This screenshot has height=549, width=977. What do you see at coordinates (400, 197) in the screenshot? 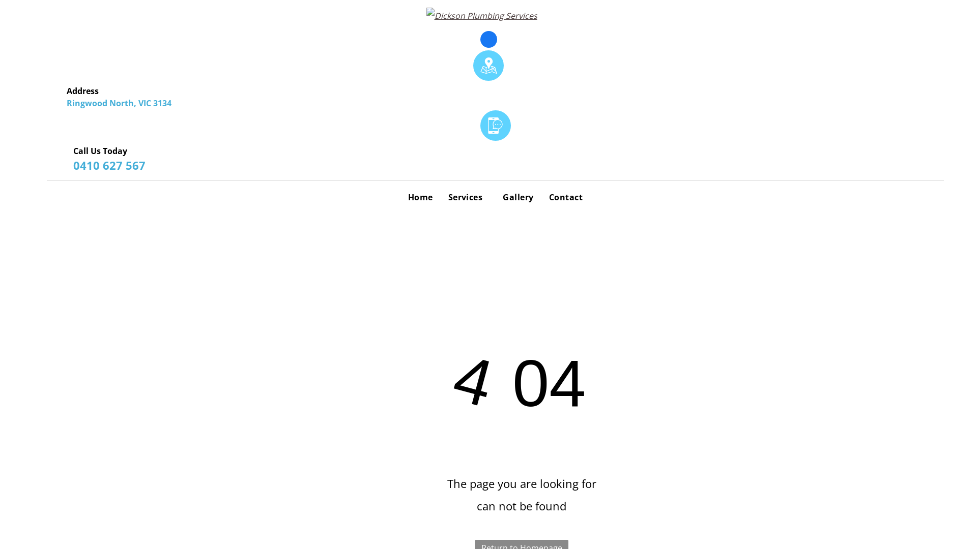
I see `'Home'` at bounding box center [400, 197].